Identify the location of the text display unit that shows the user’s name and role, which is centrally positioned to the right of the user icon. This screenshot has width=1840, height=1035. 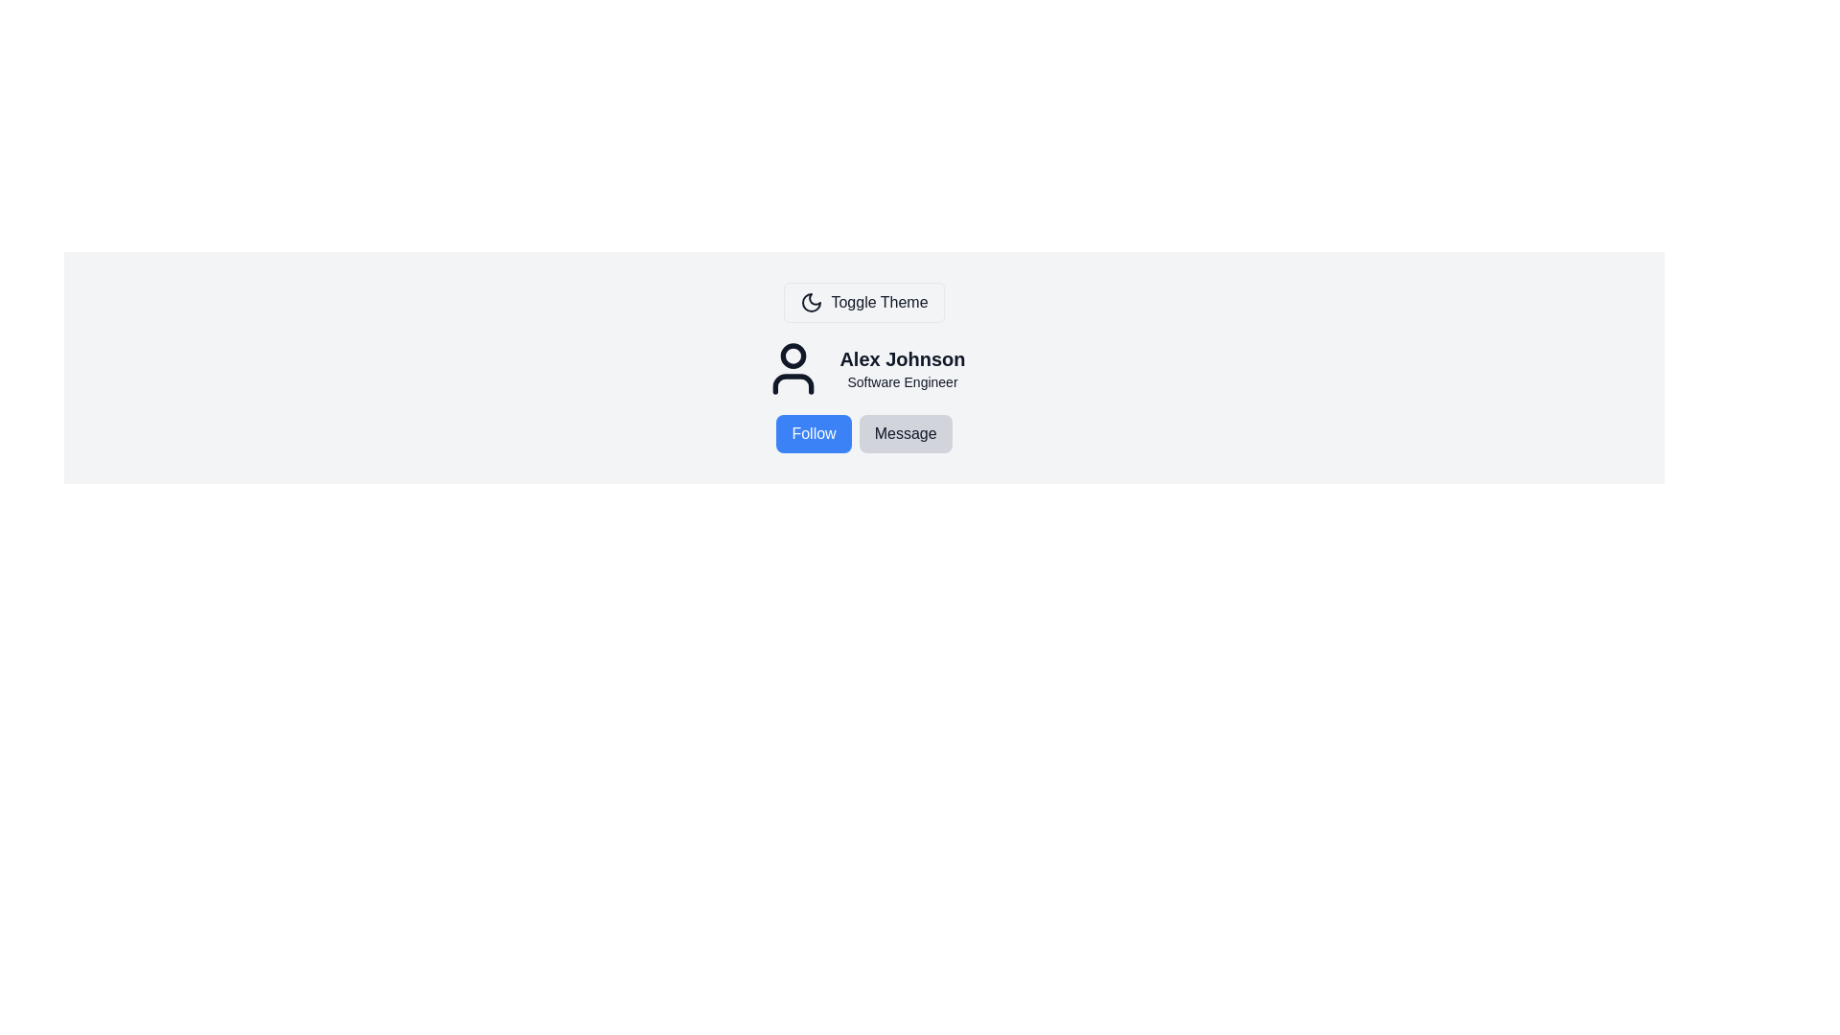
(901, 369).